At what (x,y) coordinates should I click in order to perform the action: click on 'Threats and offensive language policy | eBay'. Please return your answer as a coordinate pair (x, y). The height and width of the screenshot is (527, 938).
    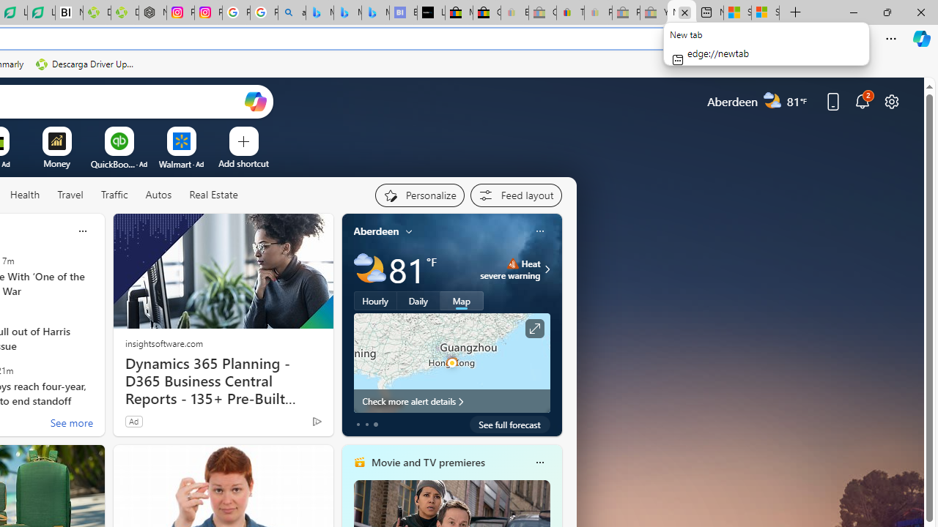
    Looking at the image, I should click on (569, 12).